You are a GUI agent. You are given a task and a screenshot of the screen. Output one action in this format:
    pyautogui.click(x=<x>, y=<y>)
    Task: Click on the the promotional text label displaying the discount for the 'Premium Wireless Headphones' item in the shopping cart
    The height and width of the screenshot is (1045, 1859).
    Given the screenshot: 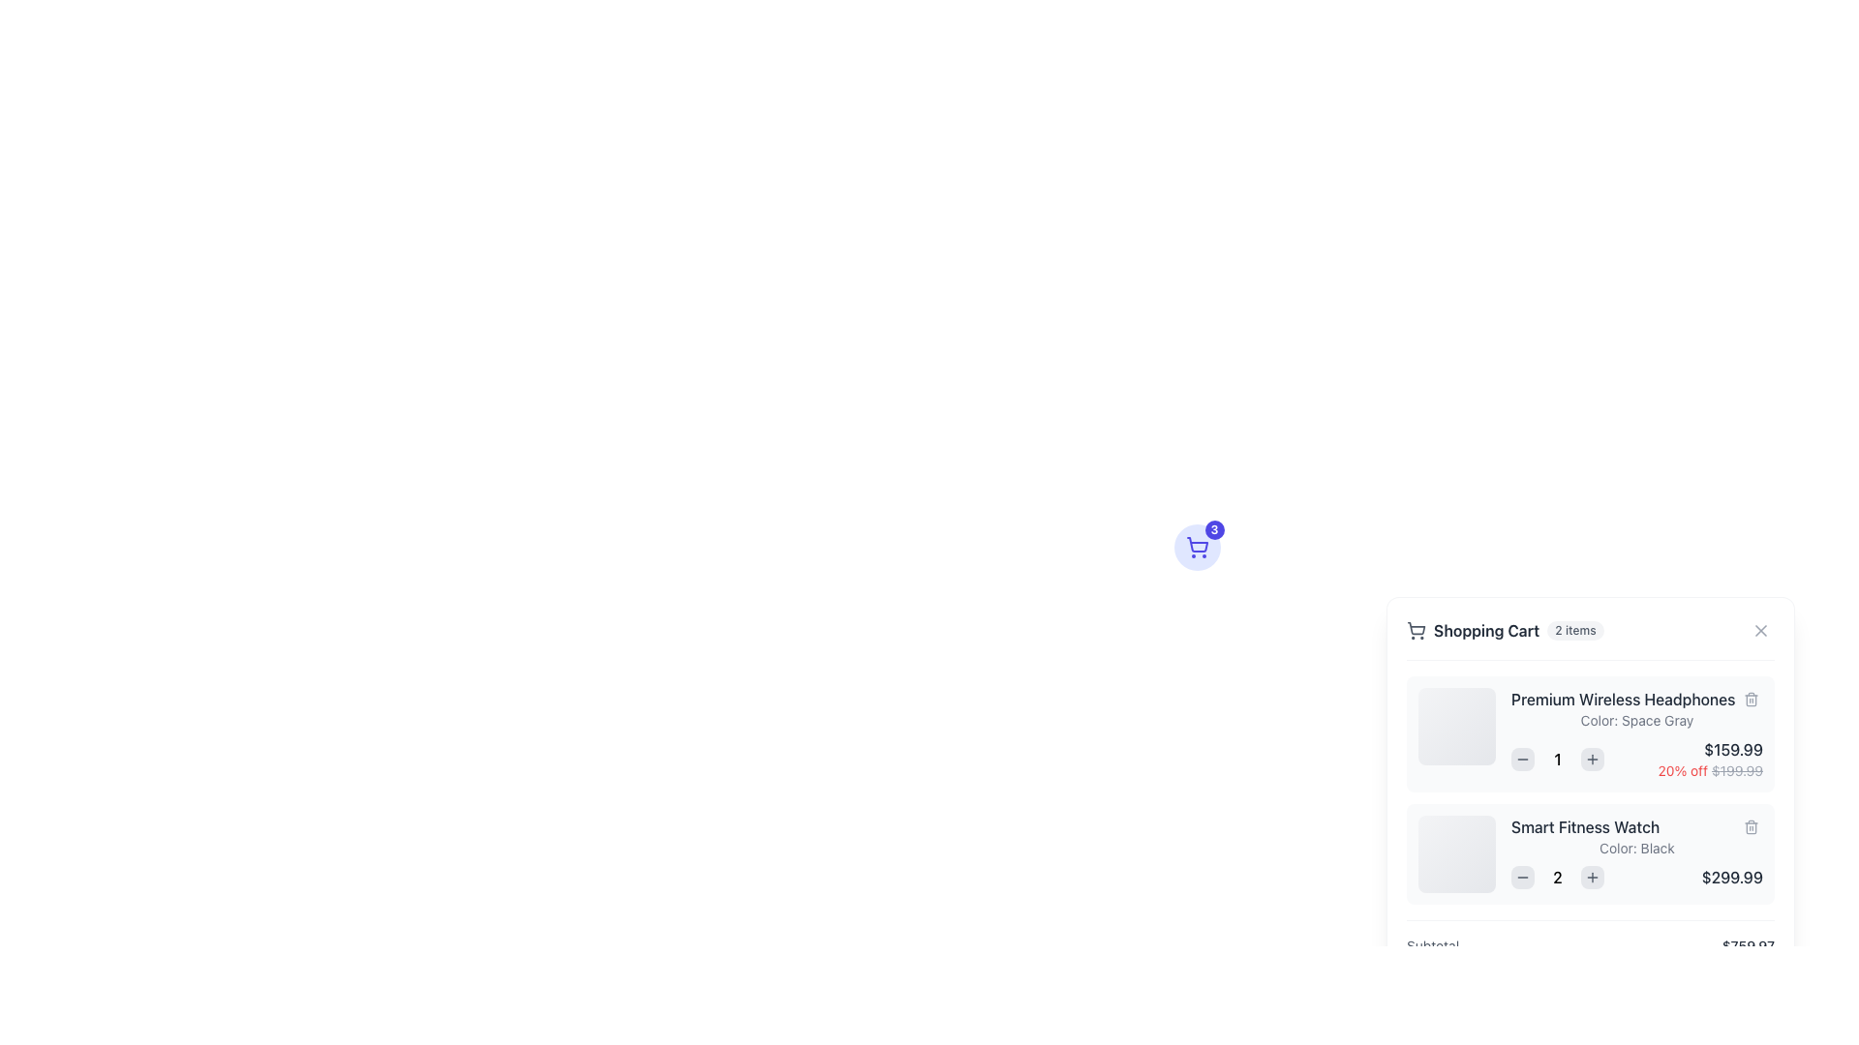 What is the action you would take?
    pyautogui.click(x=1710, y=770)
    